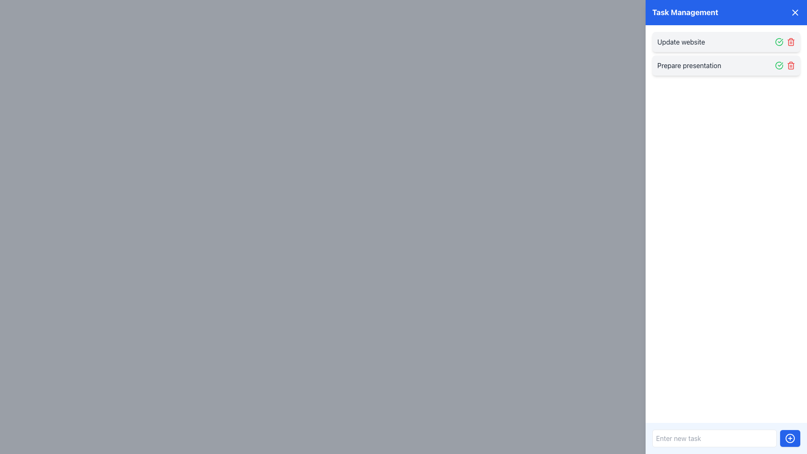 The image size is (807, 454). What do you see at coordinates (790, 42) in the screenshot?
I see `the red trash bin icon button located in the far-right section of the task item titled 'Update website' in the task management interface` at bounding box center [790, 42].